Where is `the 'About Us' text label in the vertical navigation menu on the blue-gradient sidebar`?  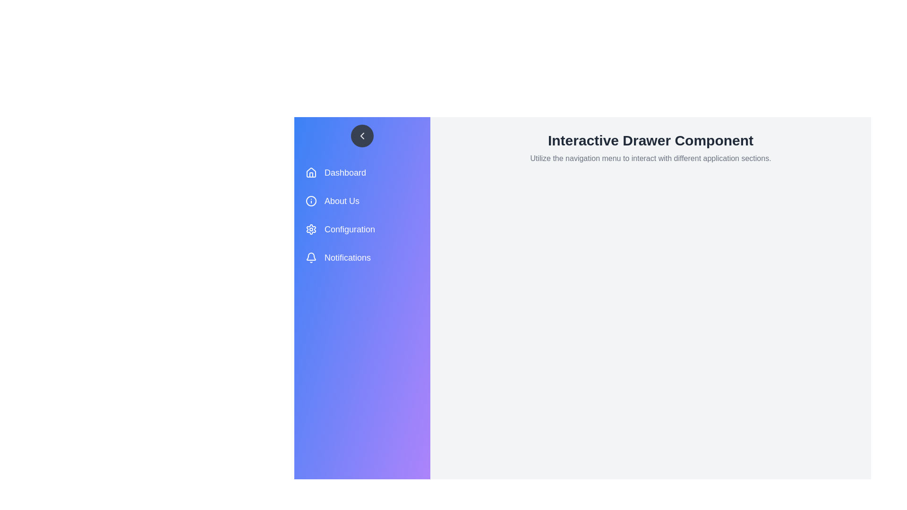 the 'About Us' text label in the vertical navigation menu on the blue-gradient sidebar is located at coordinates (342, 200).